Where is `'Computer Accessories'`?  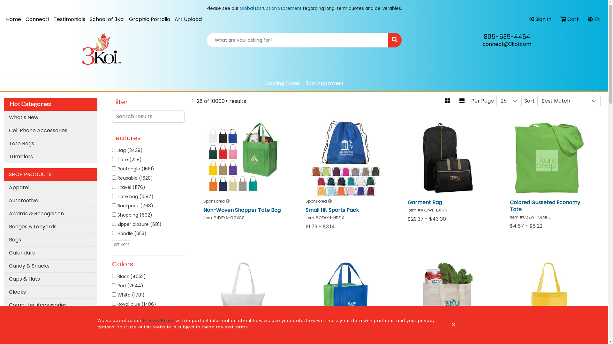 'Computer Accessories' is located at coordinates (50, 305).